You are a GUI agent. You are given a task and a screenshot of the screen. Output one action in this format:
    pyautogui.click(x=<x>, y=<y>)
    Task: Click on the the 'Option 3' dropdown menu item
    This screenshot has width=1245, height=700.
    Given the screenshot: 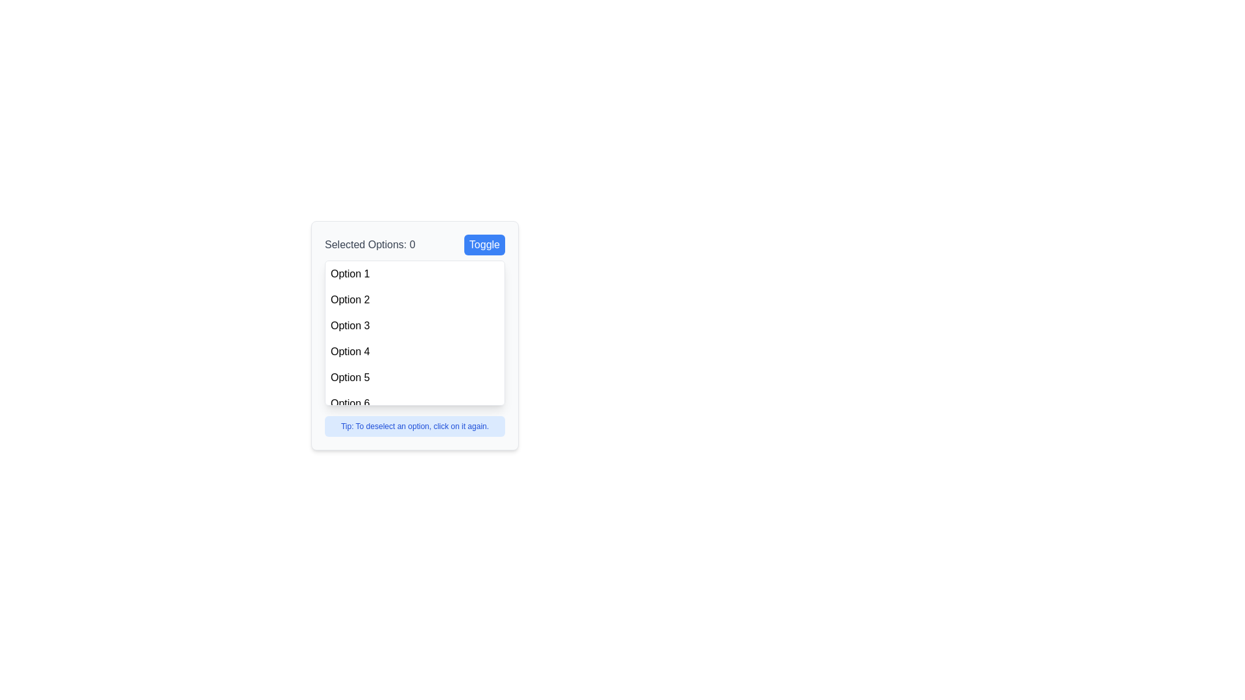 What is the action you would take?
    pyautogui.click(x=414, y=325)
    